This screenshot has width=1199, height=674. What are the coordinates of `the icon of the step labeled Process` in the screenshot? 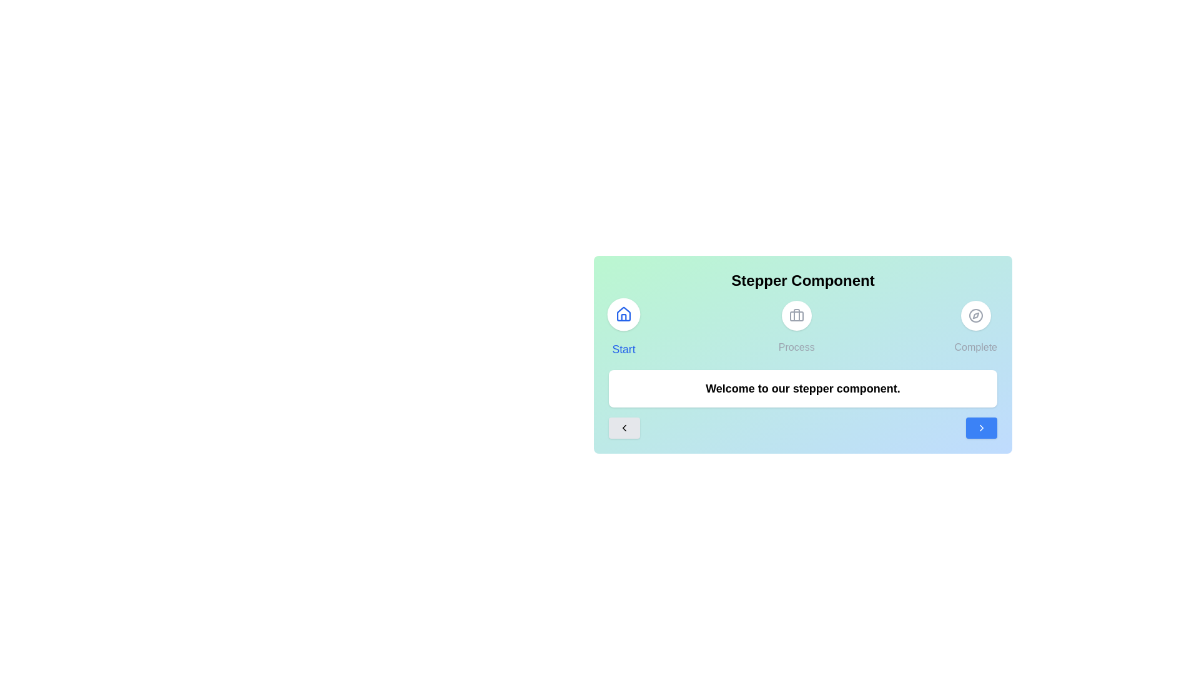 It's located at (796, 315).